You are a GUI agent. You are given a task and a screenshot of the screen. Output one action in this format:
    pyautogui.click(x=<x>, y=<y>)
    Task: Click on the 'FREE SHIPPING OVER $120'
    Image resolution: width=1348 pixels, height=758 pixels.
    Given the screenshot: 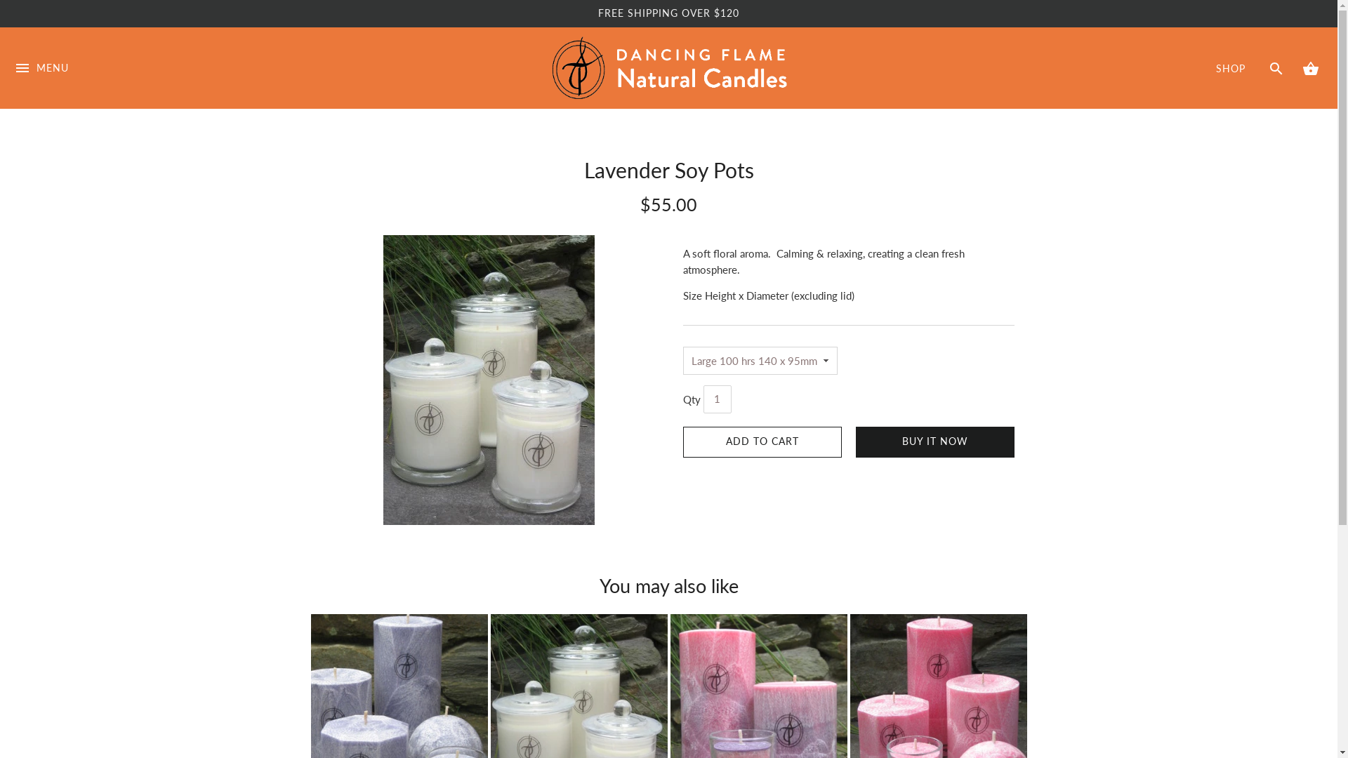 What is the action you would take?
    pyautogui.click(x=668, y=13)
    